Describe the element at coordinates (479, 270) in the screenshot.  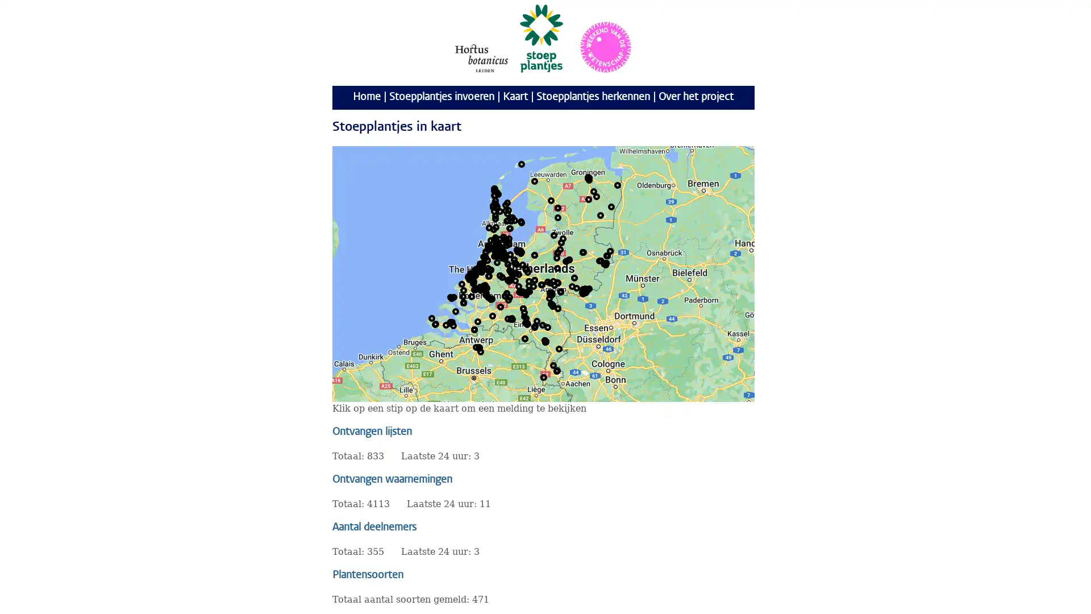
I see `Telling van Andre B. op 05 mei 2022` at that location.